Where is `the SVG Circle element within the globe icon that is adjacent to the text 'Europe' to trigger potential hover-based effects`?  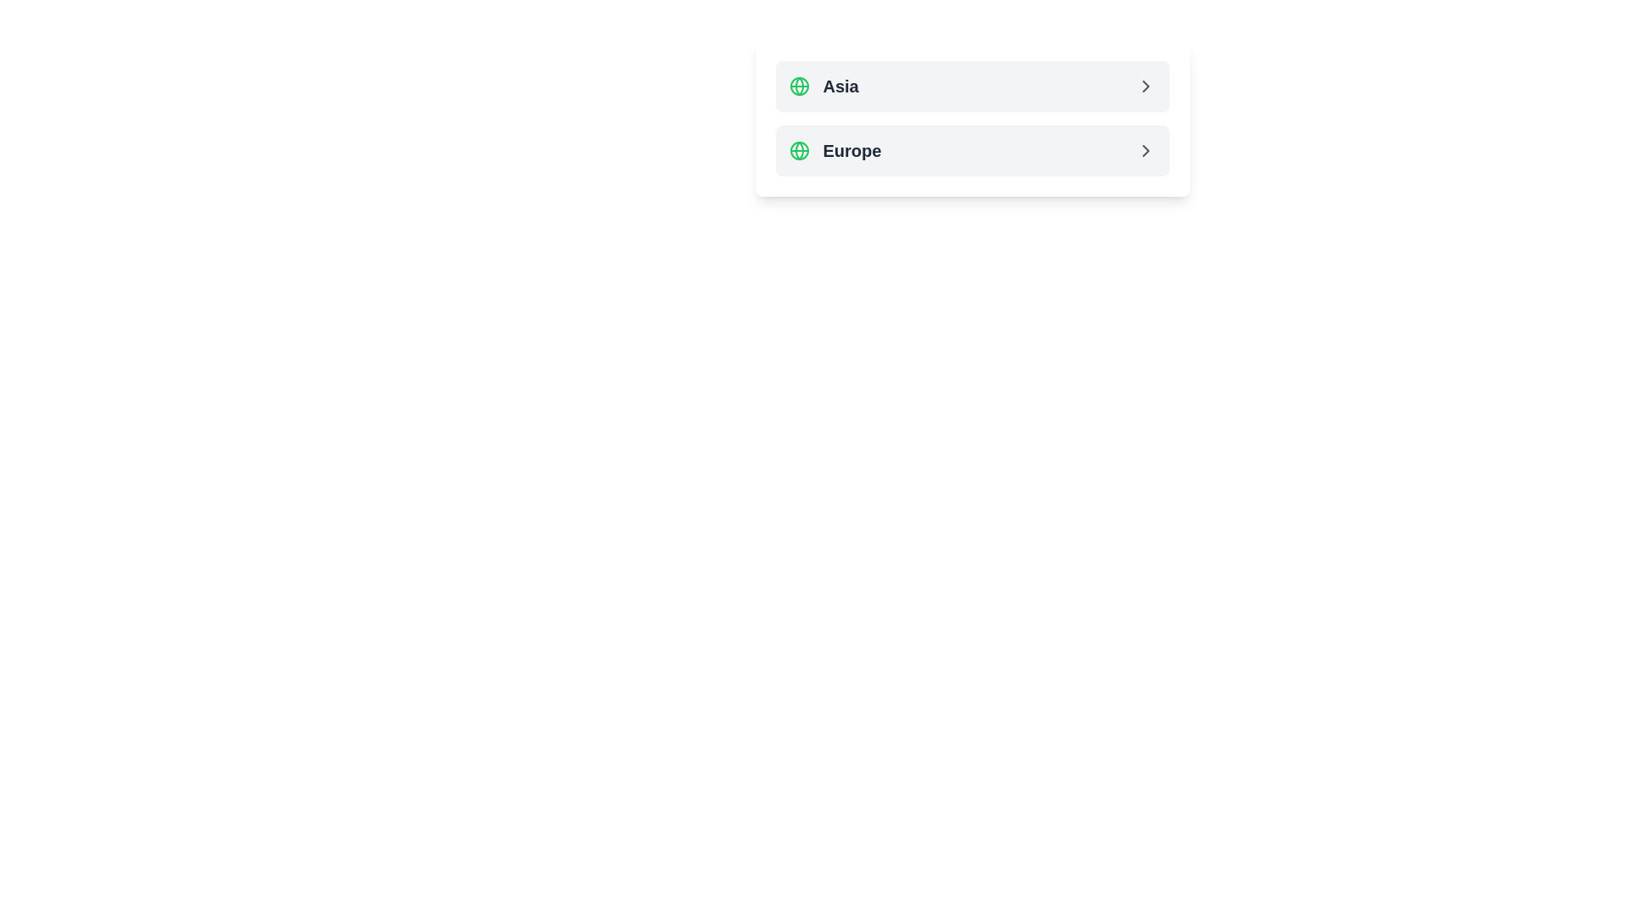
the SVG Circle element within the globe icon that is adjacent to the text 'Europe' to trigger potential hover-based effects is located at coordinates (798, 86).